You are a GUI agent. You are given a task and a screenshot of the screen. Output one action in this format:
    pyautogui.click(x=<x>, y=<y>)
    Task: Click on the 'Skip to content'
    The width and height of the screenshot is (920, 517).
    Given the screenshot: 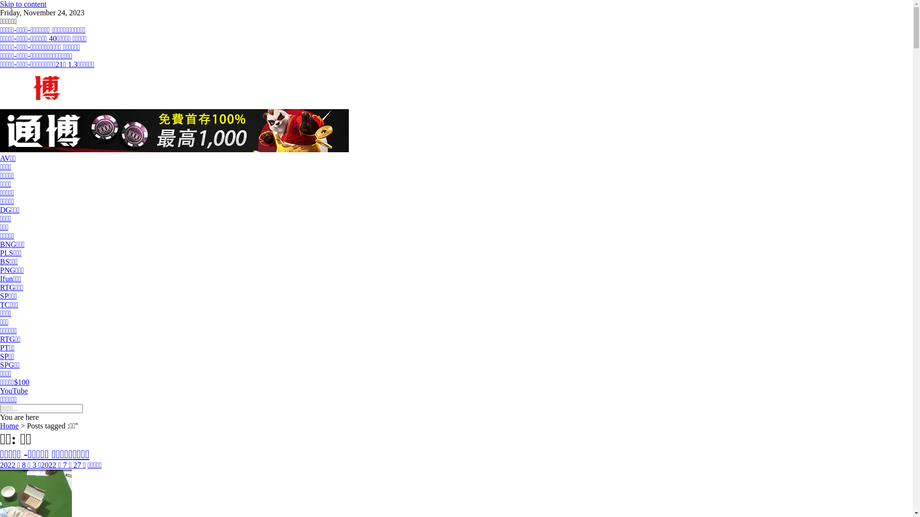 What is the action you would take?
    pyautogui.click(x=23, y=4)
    